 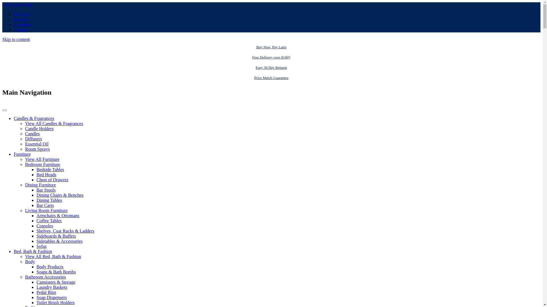 I want to click on 'Body Products', so click(x=50, y=267).